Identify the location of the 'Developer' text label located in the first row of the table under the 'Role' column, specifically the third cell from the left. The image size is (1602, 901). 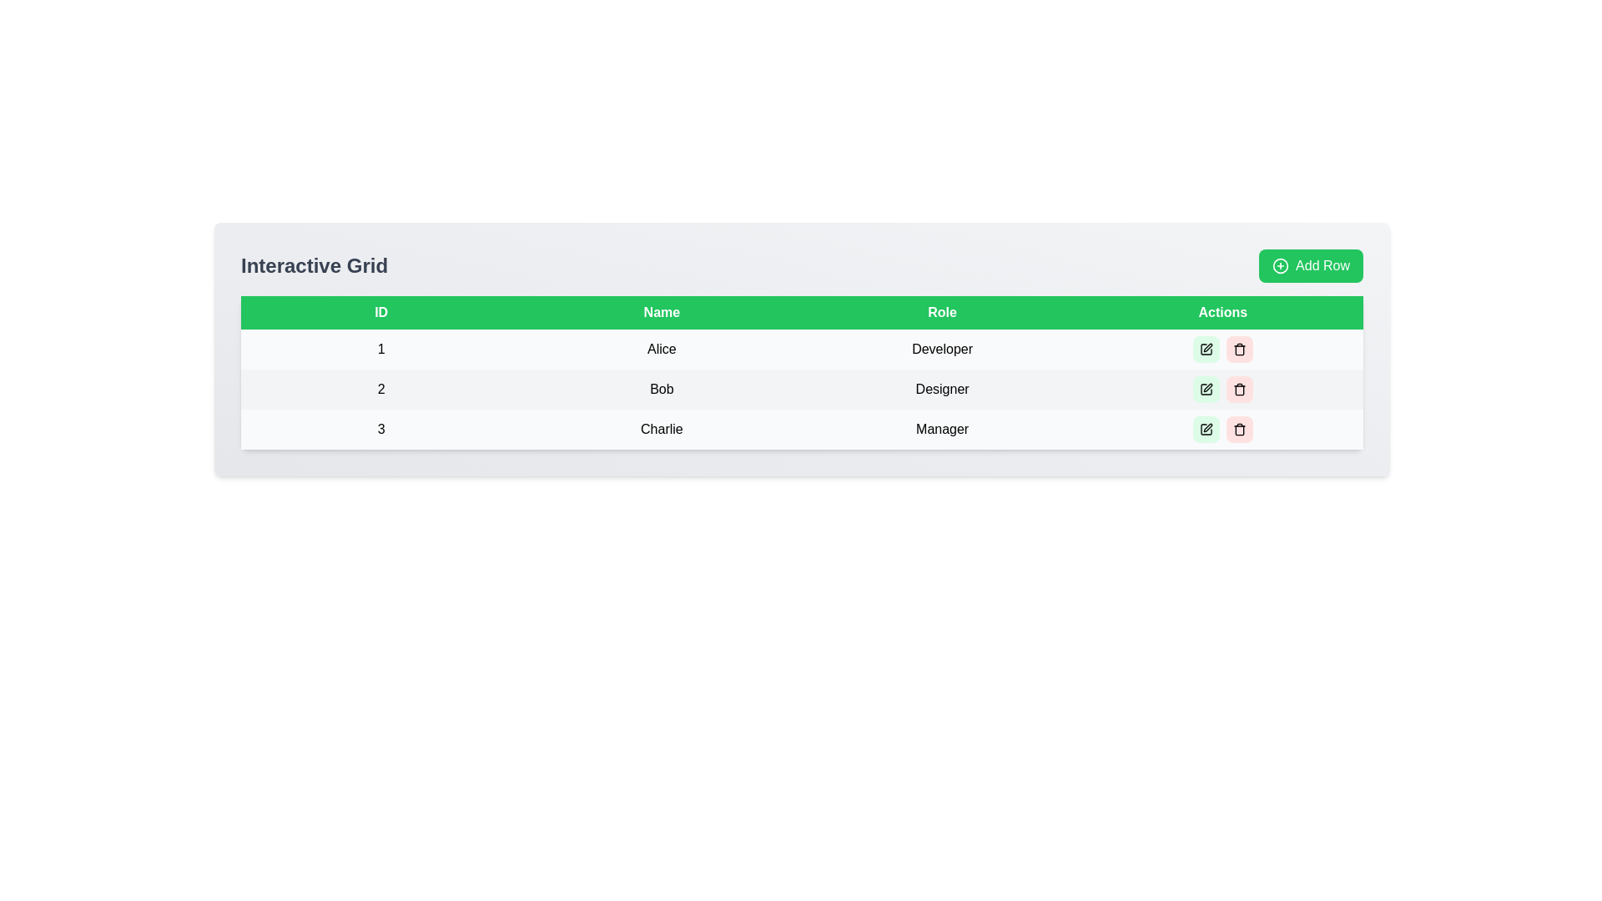
(942, 349).